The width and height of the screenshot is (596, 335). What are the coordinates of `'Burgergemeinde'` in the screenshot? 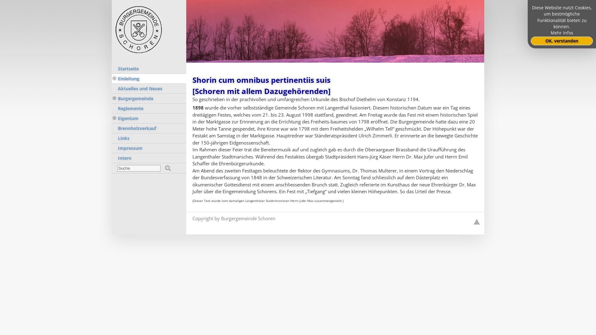 It's located at (149, 98).